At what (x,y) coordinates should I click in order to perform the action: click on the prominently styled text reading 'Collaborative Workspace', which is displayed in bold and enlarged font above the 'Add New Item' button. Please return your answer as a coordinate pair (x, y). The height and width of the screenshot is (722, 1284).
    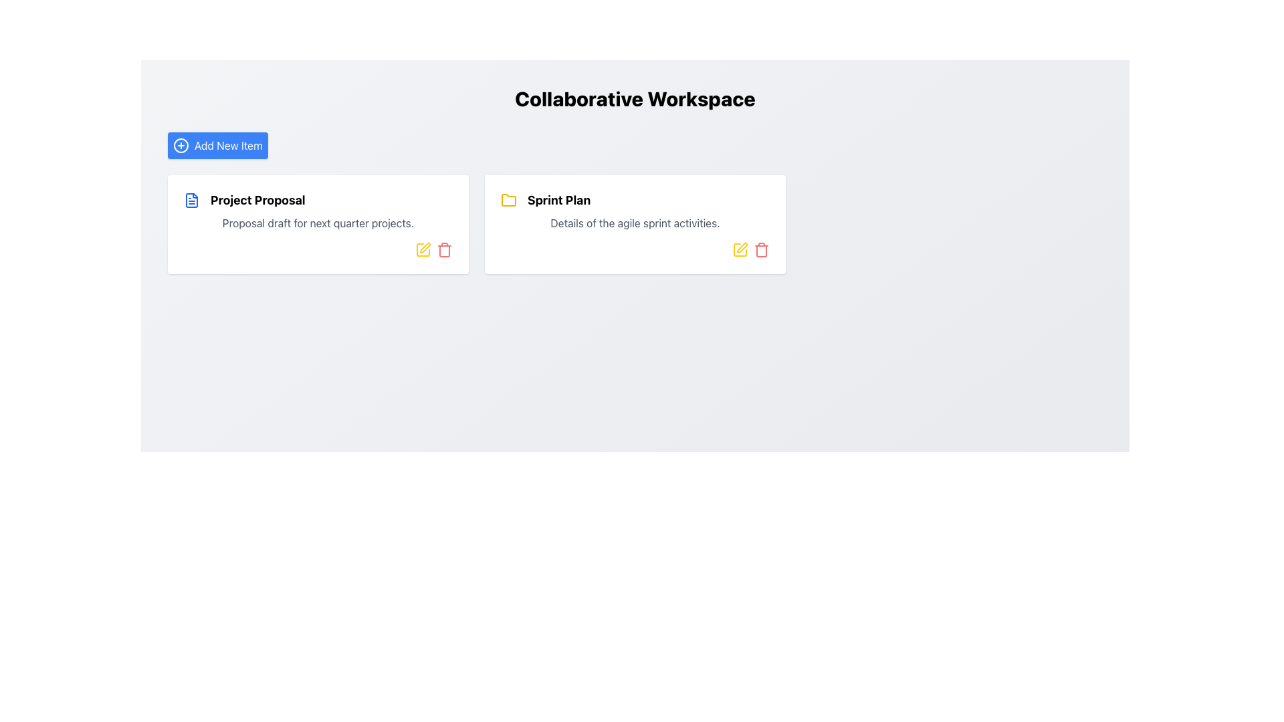
    Looking at the image, I should click on (635, 98).